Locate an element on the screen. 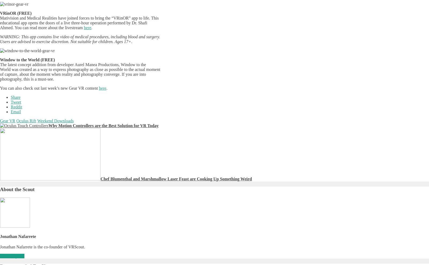 The height and width of the screenshot is (265, 429). 'Chef Blumenthal and Marshmallow Laser Feast are Cooking Up Something Weird' is located at coordinates (176, 179).